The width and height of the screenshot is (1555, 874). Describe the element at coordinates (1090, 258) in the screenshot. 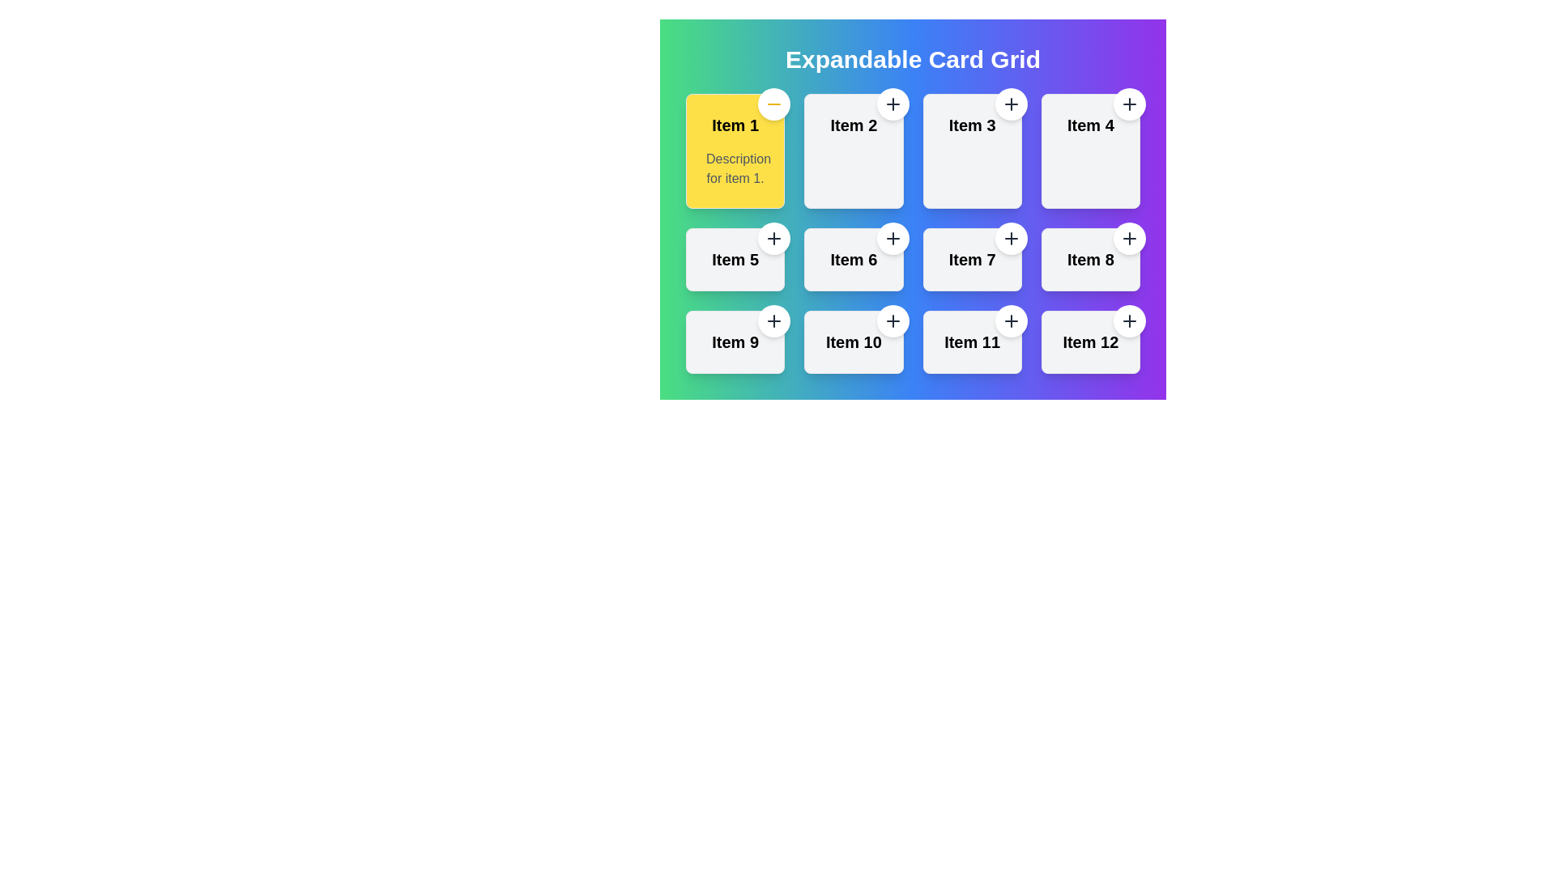

I see `the text label that identifies the specific card in the second row, fourth column of the grid layout to trigger the tooltip or hover effect` at that location.